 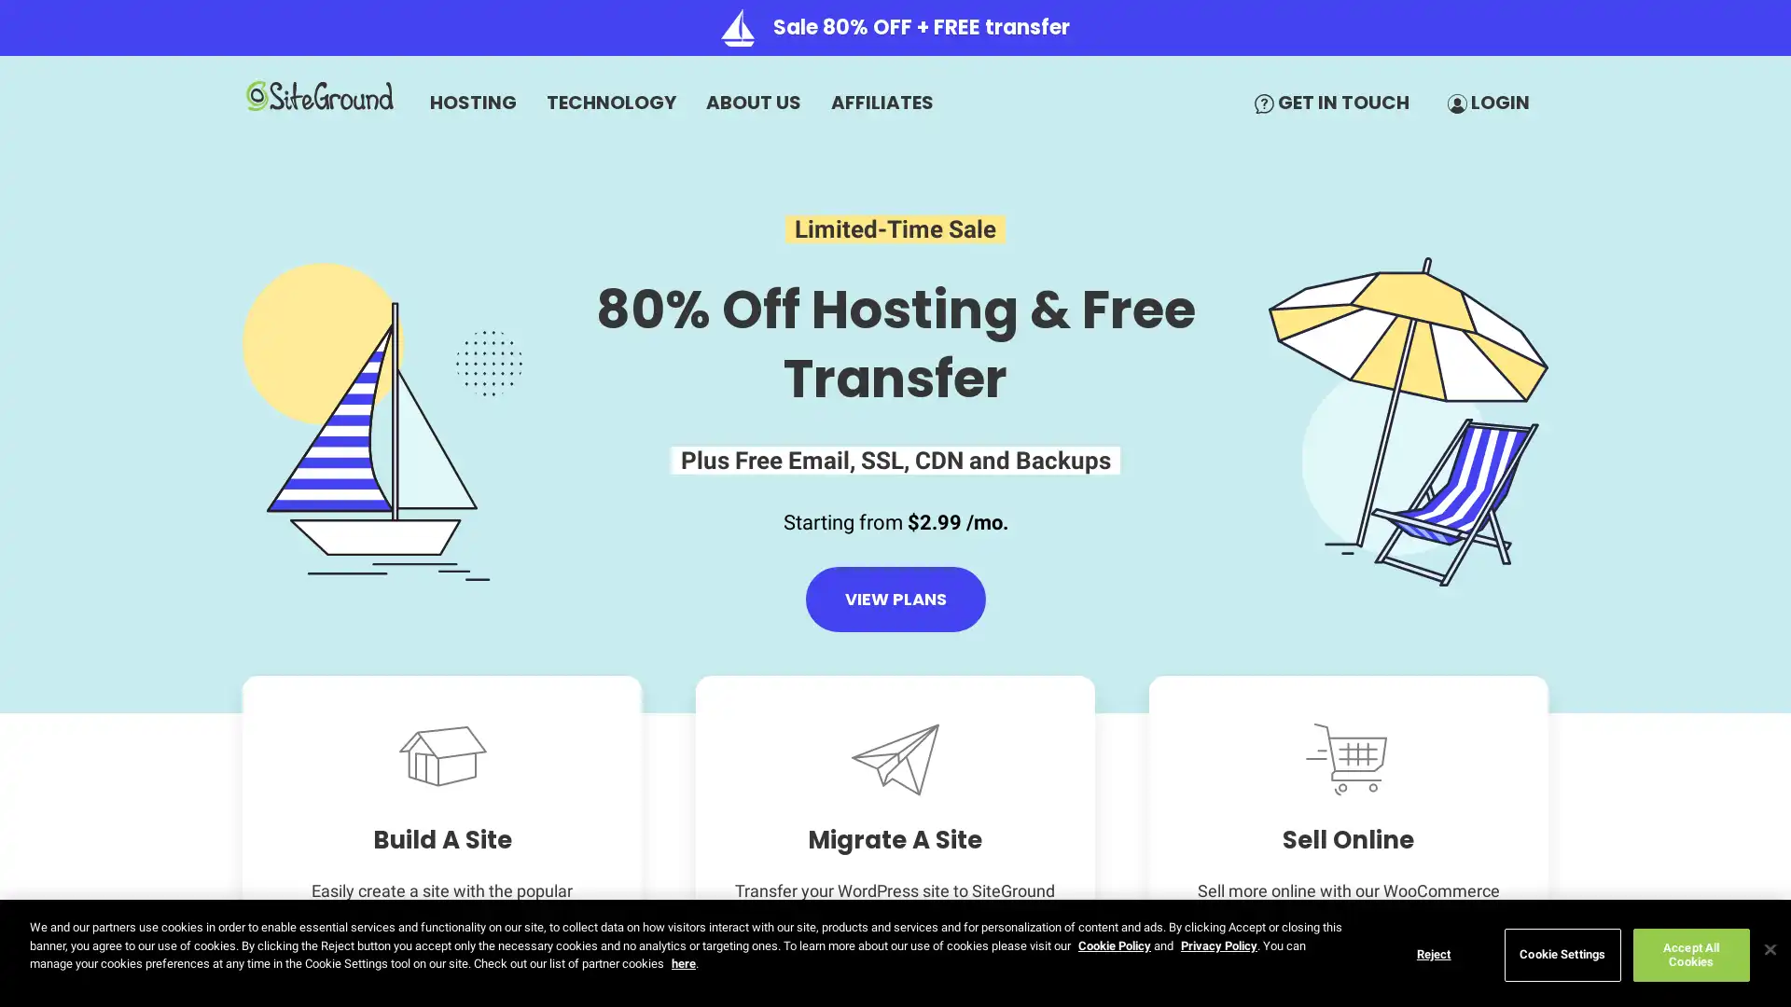 What do you see at coordinates (1562, 954) in the screenshot?
I see `Cookie Settings` at bounding box center [1562, 954].